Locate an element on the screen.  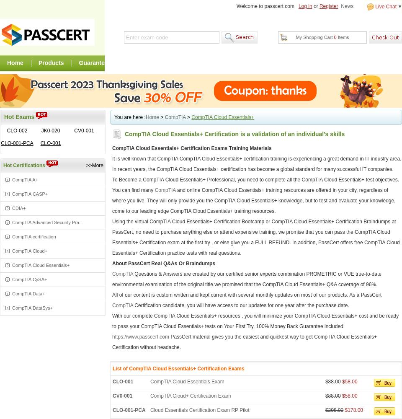
'CompTIA CySA+' is located at coordinates (29, 279).